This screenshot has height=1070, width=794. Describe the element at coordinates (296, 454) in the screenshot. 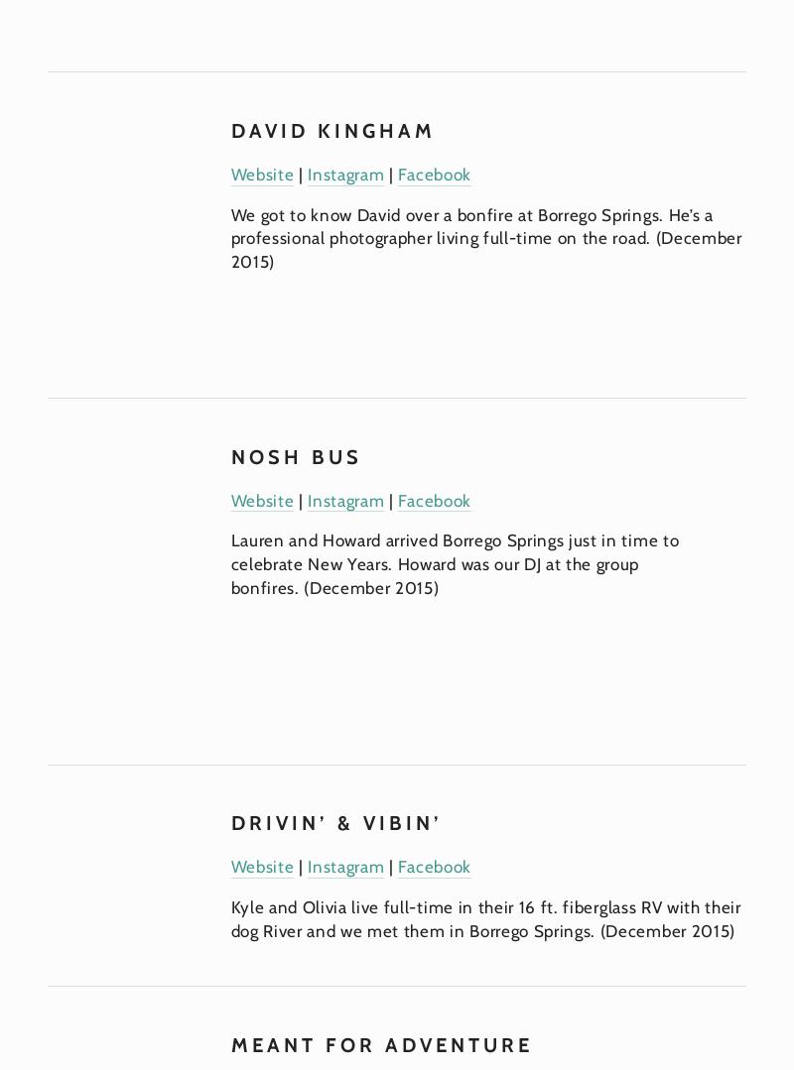

I see `'Nosh Bus'` at that location.